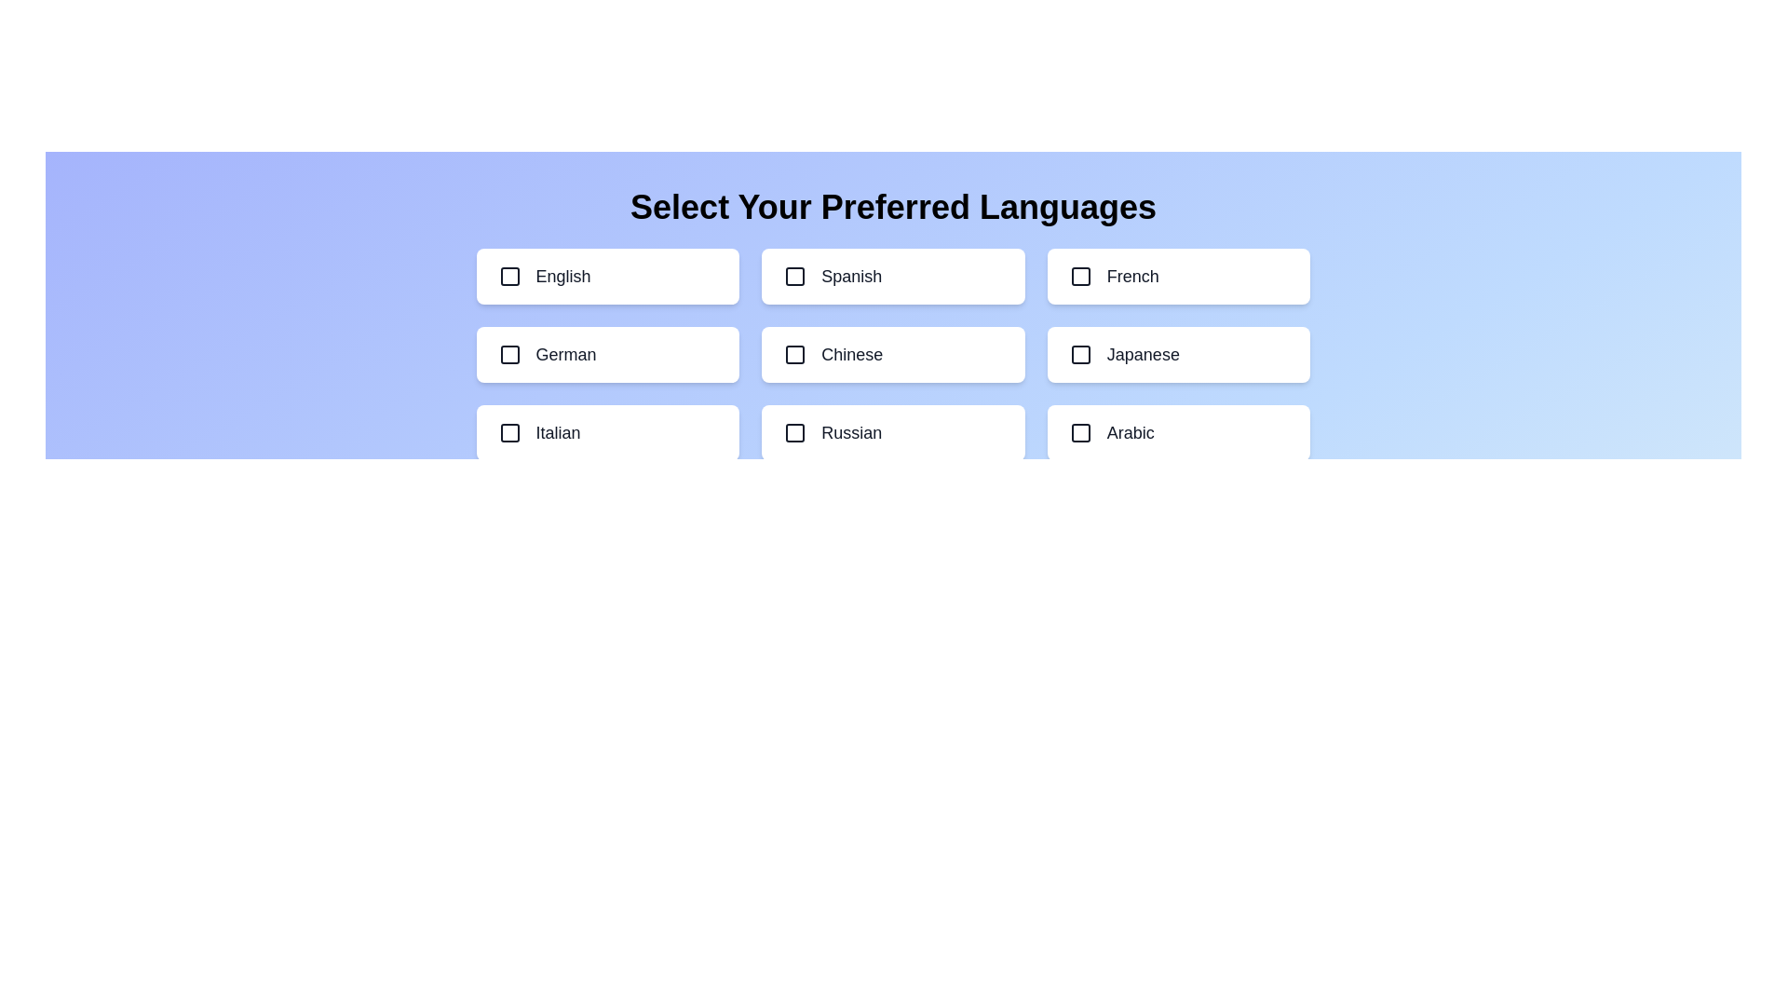  What do you see at coordinates (607, 277) in the screenshot?
I see `the language option English` at bounding box center [607, 277].